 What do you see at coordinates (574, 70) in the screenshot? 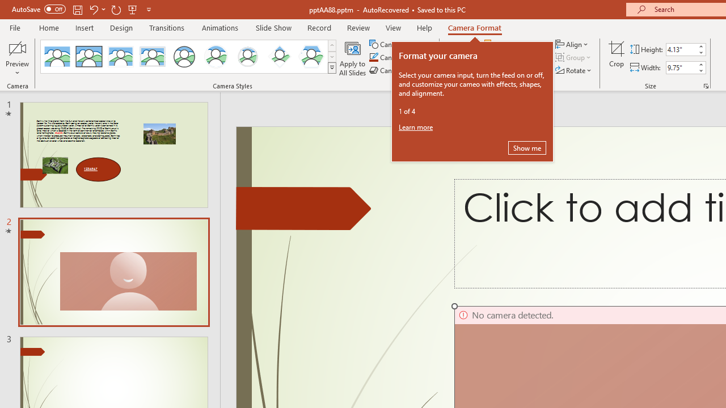
I see `'Rotate'` at bounding box center [574, 70].